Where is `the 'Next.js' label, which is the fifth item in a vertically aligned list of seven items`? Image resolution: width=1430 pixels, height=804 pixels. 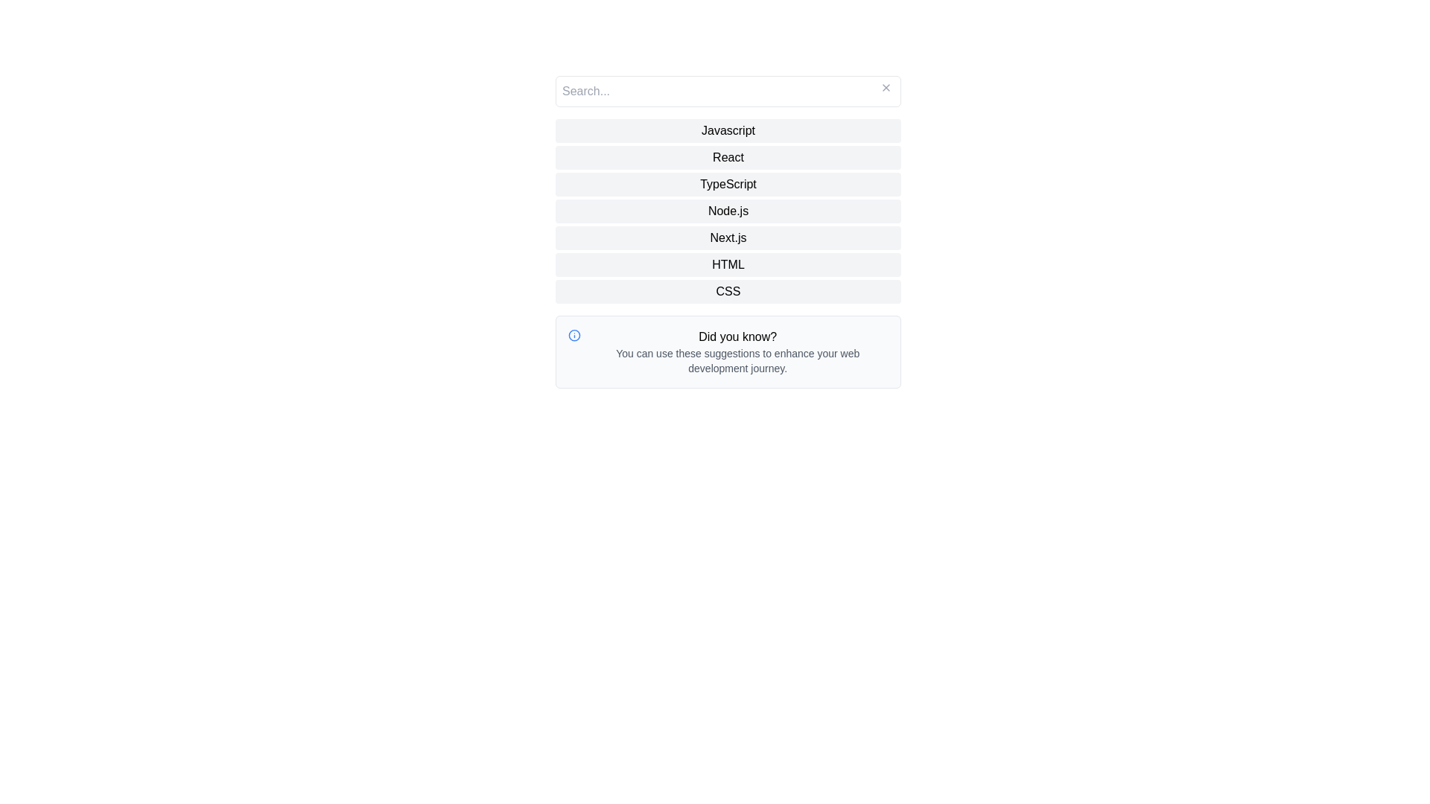 the 'Next.js' label, which is the fifth item in a vertically aligned list of seven items is located at coordinates (728, 237).